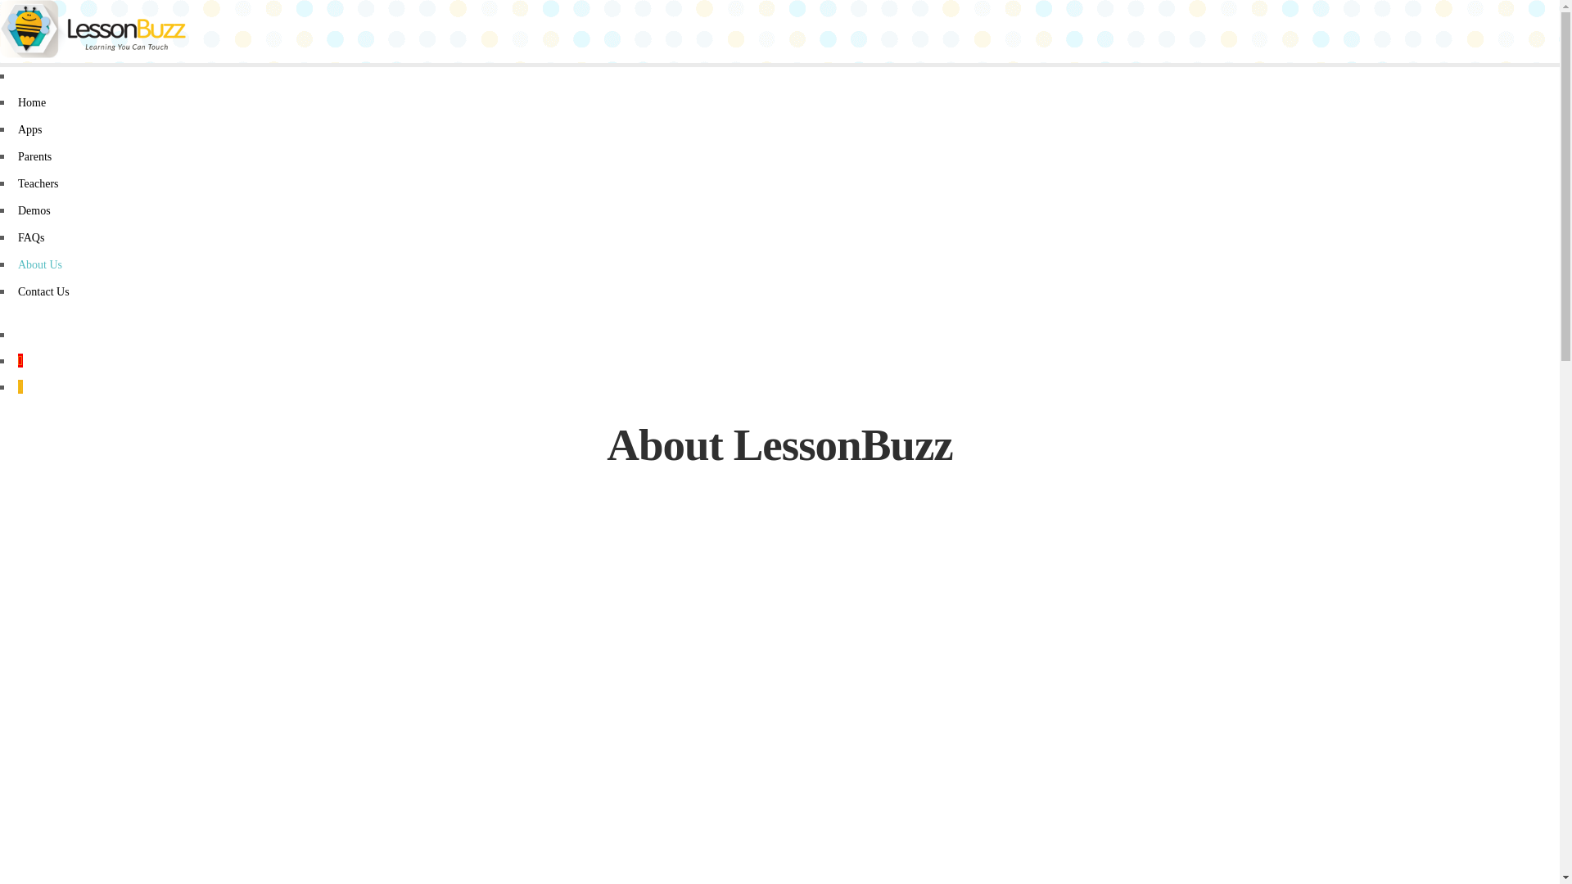 This screenshot has width=1572, height=884. What do you see at coordinates (34, 210) in the screenshot?
I see `'Demos'` at bounding box center [34, 210].